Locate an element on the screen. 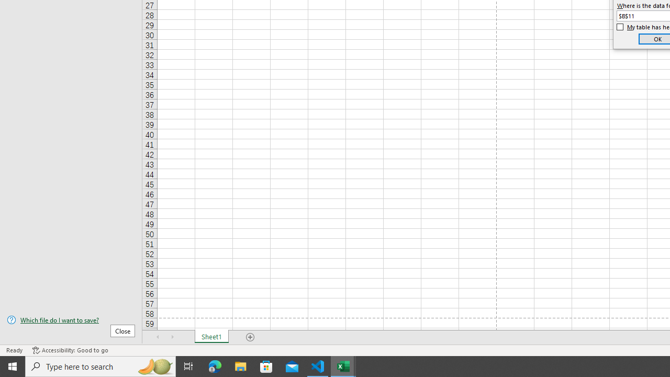  'Scroll Right' is located at coordinates (173, 337).